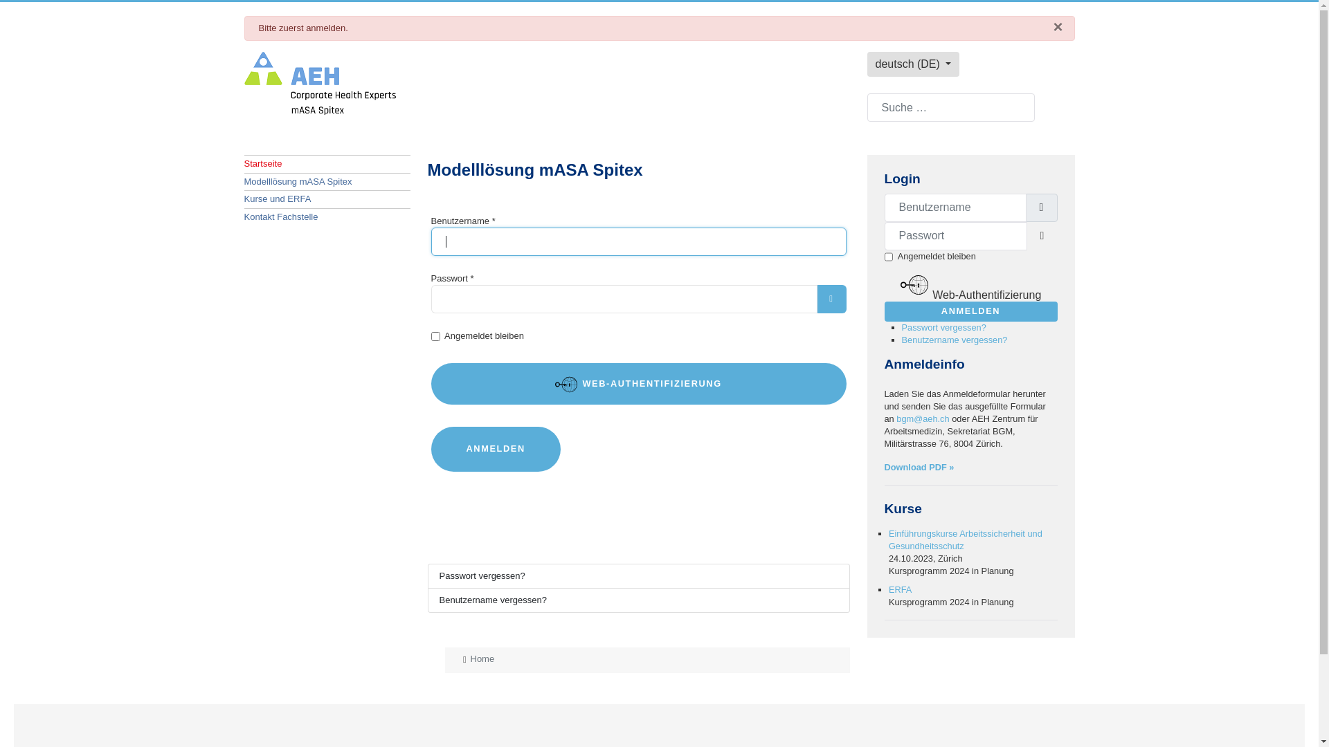  What do you see at coordinates (430, 449) in the screenshot?
I see `'ANMELDEN'` at bounding box center [430, 449].